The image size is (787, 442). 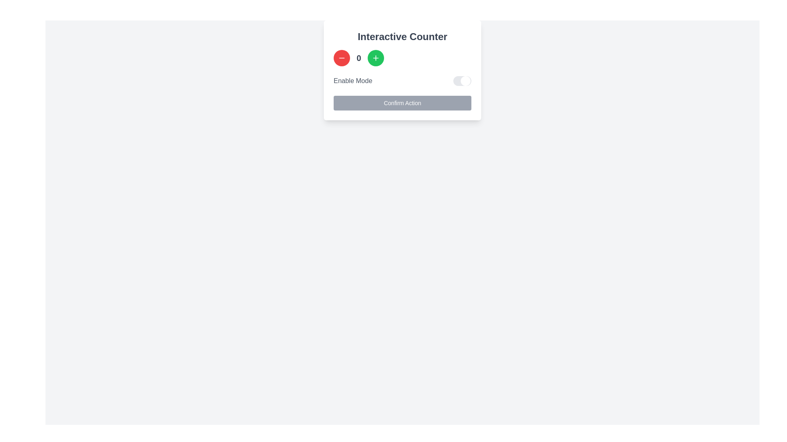 What do you see at coordinates (342, 58) in the screenshot?
I see `the decrement button located within the 'Interactive Counter' card` at bounding box center [342, 58].